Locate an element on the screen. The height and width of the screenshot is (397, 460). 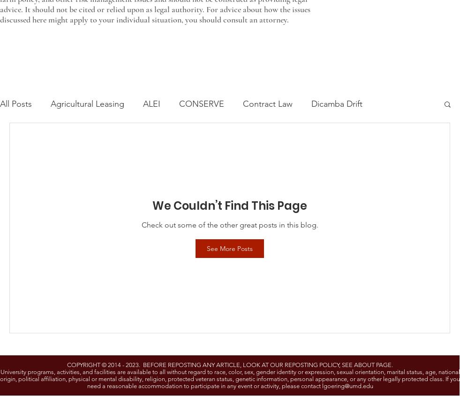
'Frequently Asked Question' is located at coordinates (256, 141).